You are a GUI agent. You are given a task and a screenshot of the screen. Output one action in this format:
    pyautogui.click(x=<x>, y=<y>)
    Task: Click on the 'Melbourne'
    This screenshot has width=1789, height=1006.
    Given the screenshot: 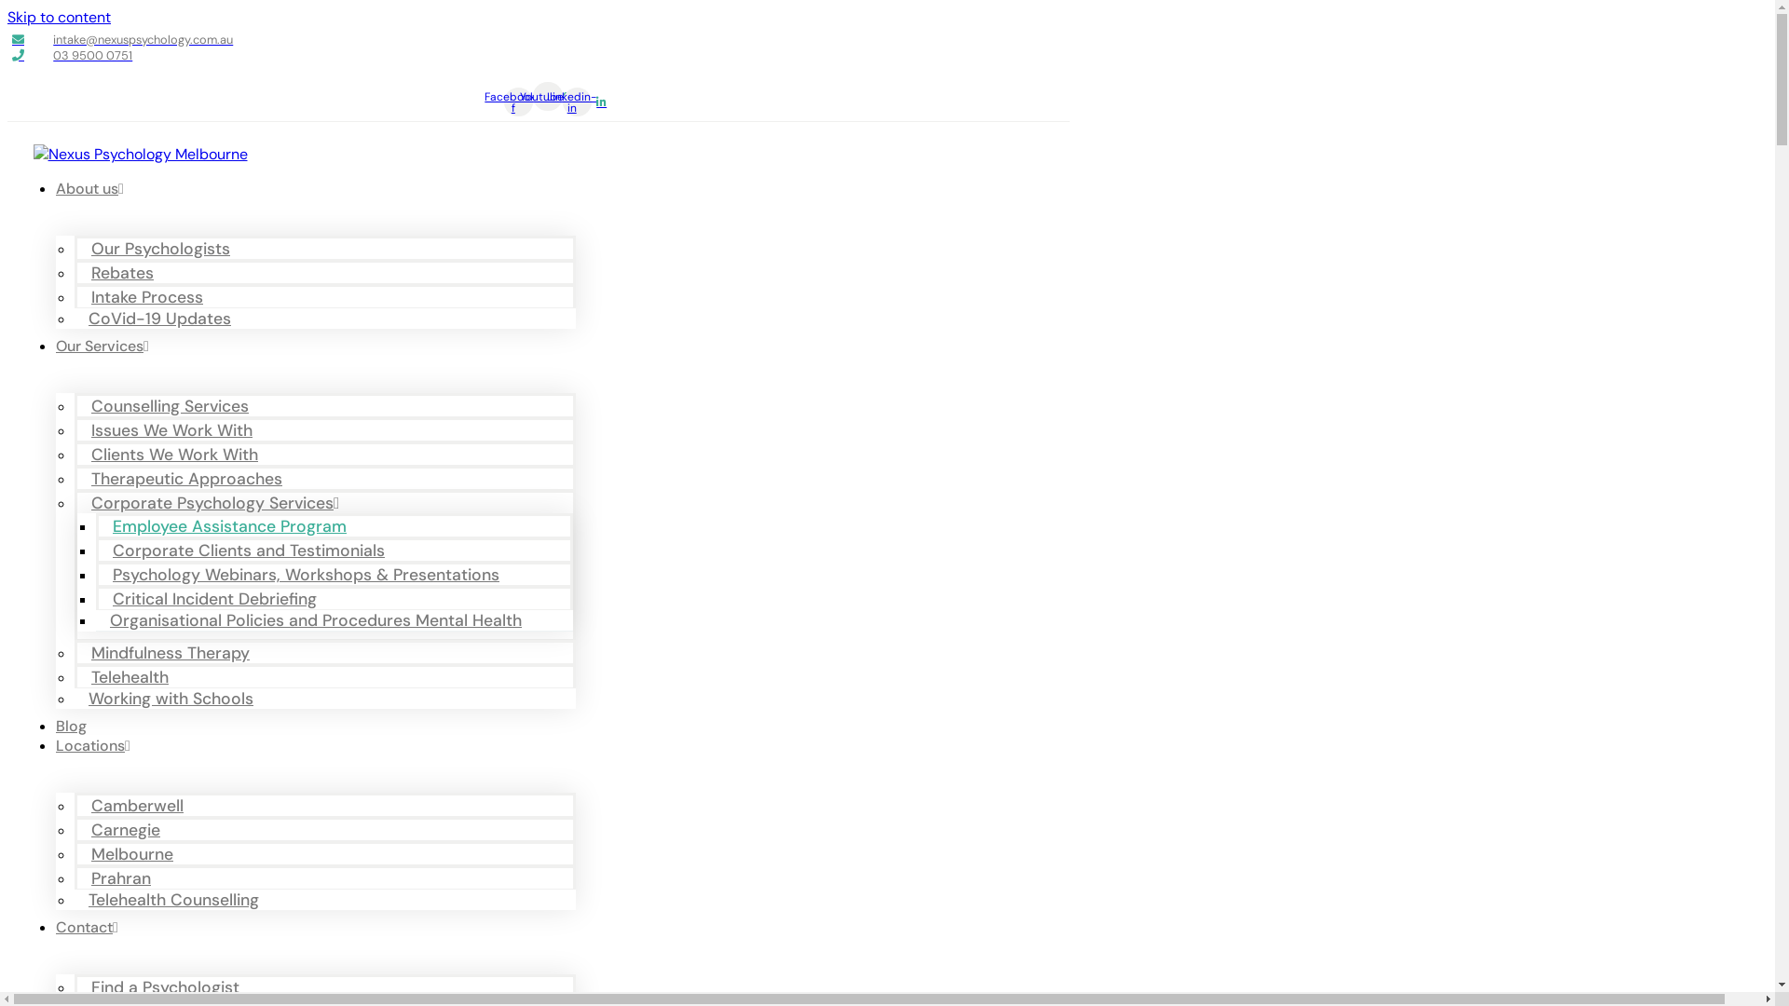 What is the action you would take?
    pyautogui.click(x=136, y=854)
    